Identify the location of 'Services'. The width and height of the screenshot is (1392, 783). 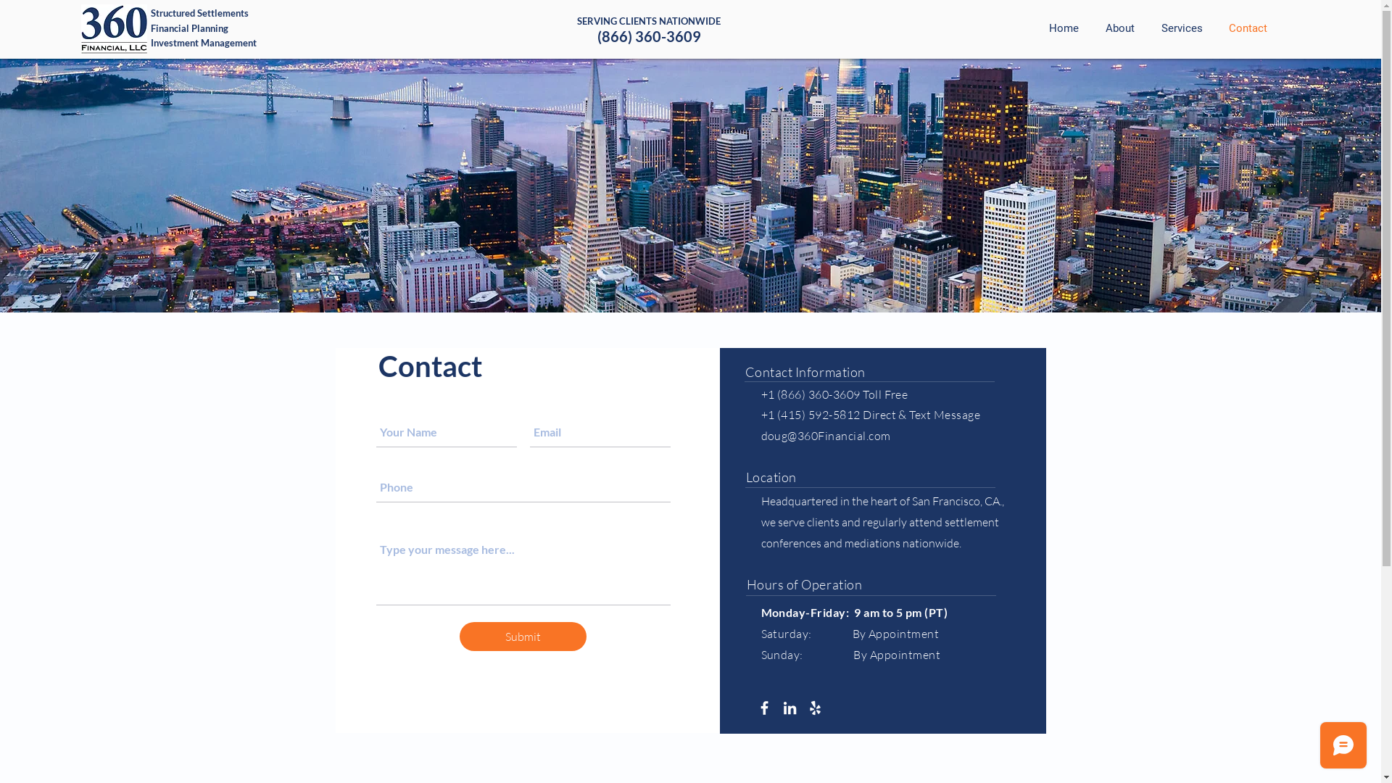
(1180, 28).